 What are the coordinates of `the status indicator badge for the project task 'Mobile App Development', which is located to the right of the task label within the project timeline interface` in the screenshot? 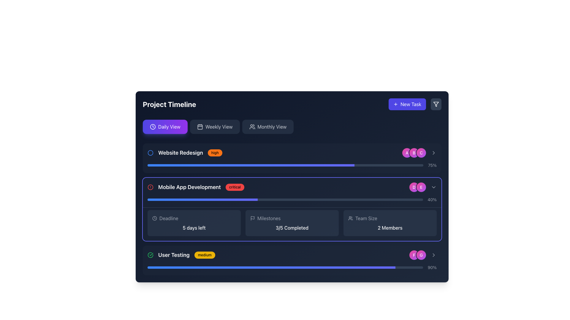 It's located at (235, 187).